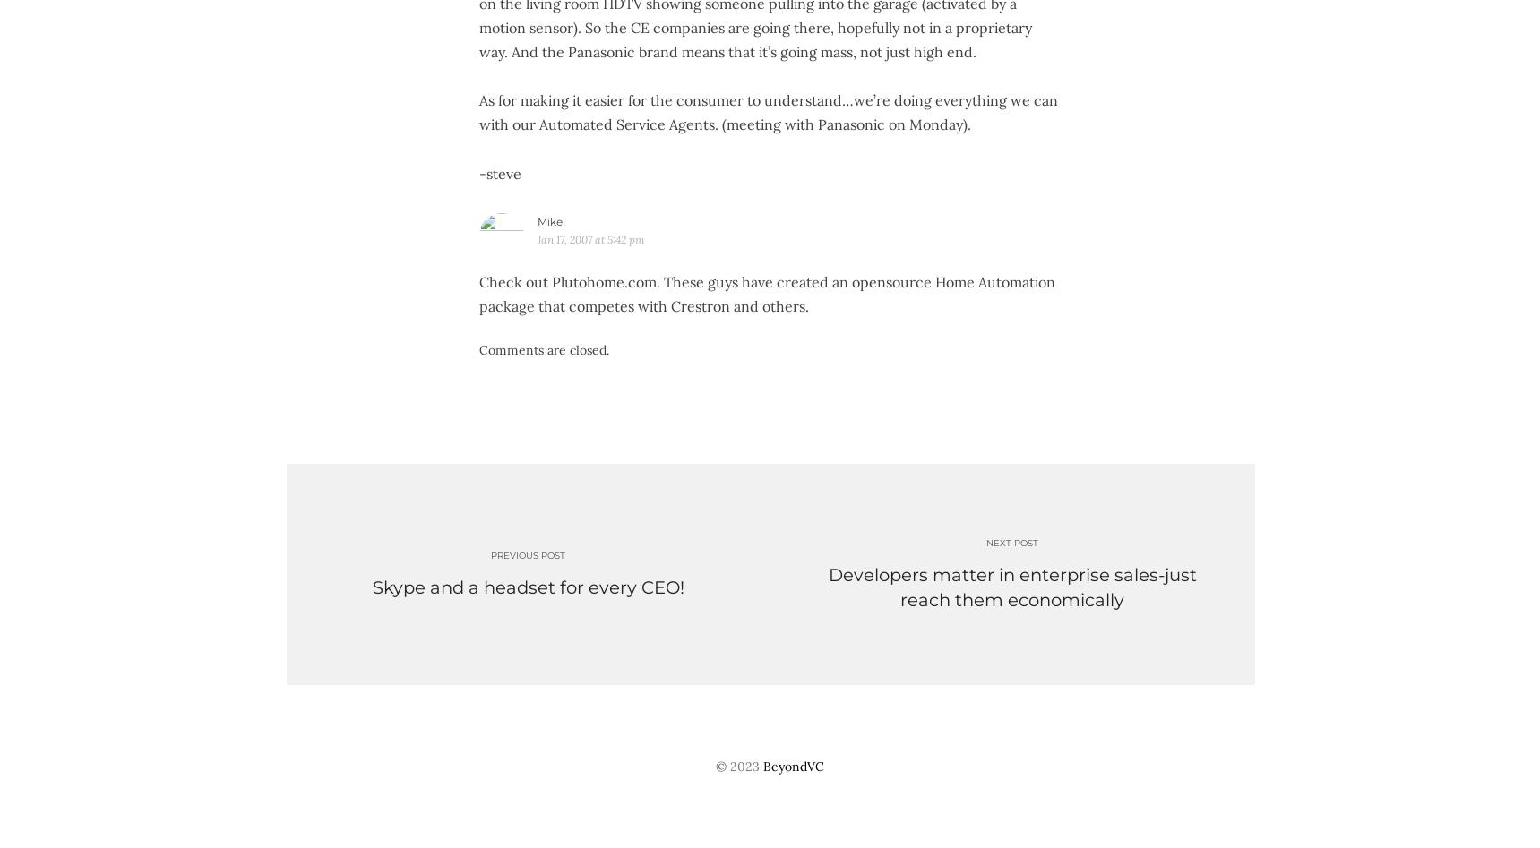 The width and height of the screenshot is (1540, 848). I want to click on '© 2023', so click(738, 765).